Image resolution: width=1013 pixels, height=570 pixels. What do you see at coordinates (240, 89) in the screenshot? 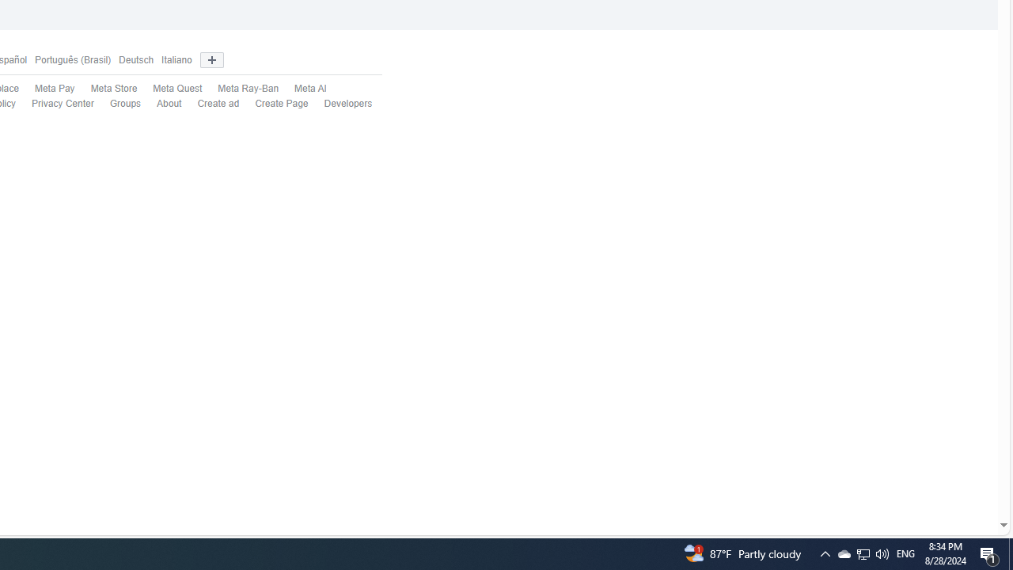
I see `'Meta Ray-Ban'` at bounding box center [240, 89].